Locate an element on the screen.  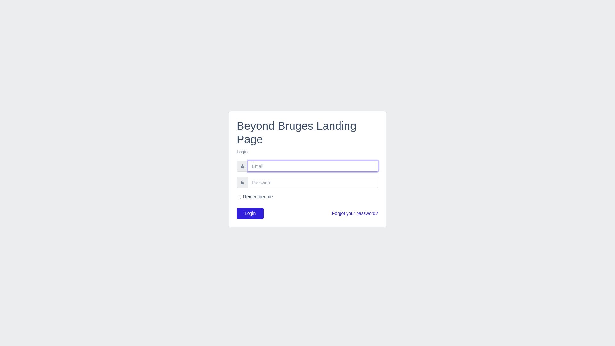
'Forgot your password?' is located at coordinates (332, 213).